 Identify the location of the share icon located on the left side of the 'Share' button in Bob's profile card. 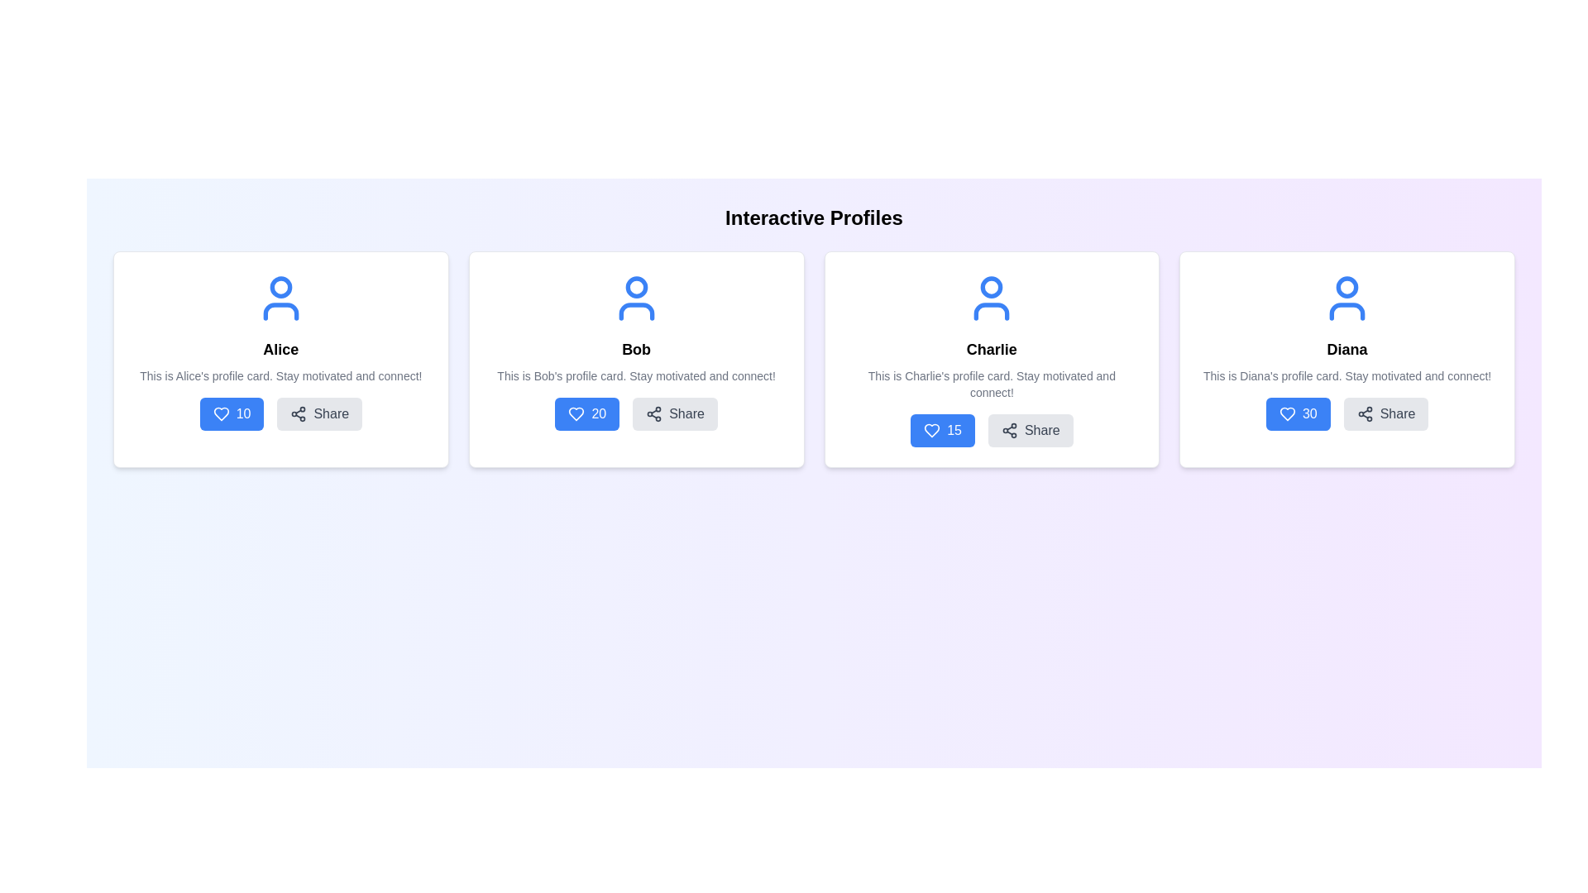
(653, 413).